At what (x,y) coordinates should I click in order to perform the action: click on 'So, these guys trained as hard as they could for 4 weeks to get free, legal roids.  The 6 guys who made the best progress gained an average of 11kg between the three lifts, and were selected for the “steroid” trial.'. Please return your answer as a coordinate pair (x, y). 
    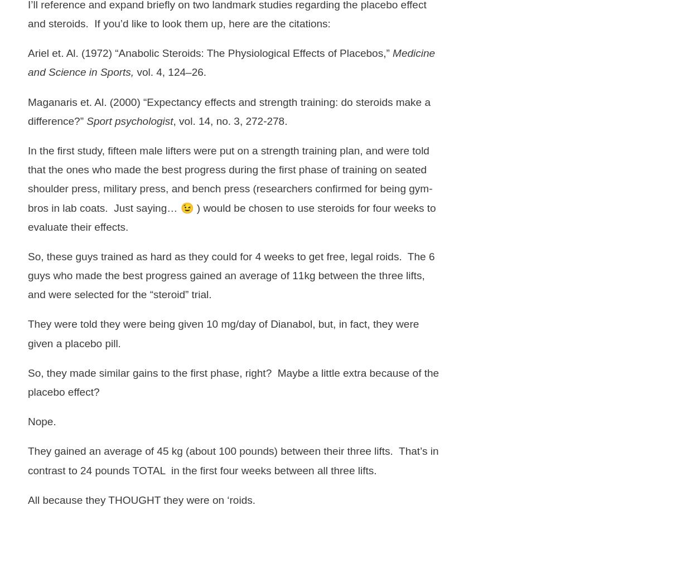
    Looking at the image, I should click on (28, 274).